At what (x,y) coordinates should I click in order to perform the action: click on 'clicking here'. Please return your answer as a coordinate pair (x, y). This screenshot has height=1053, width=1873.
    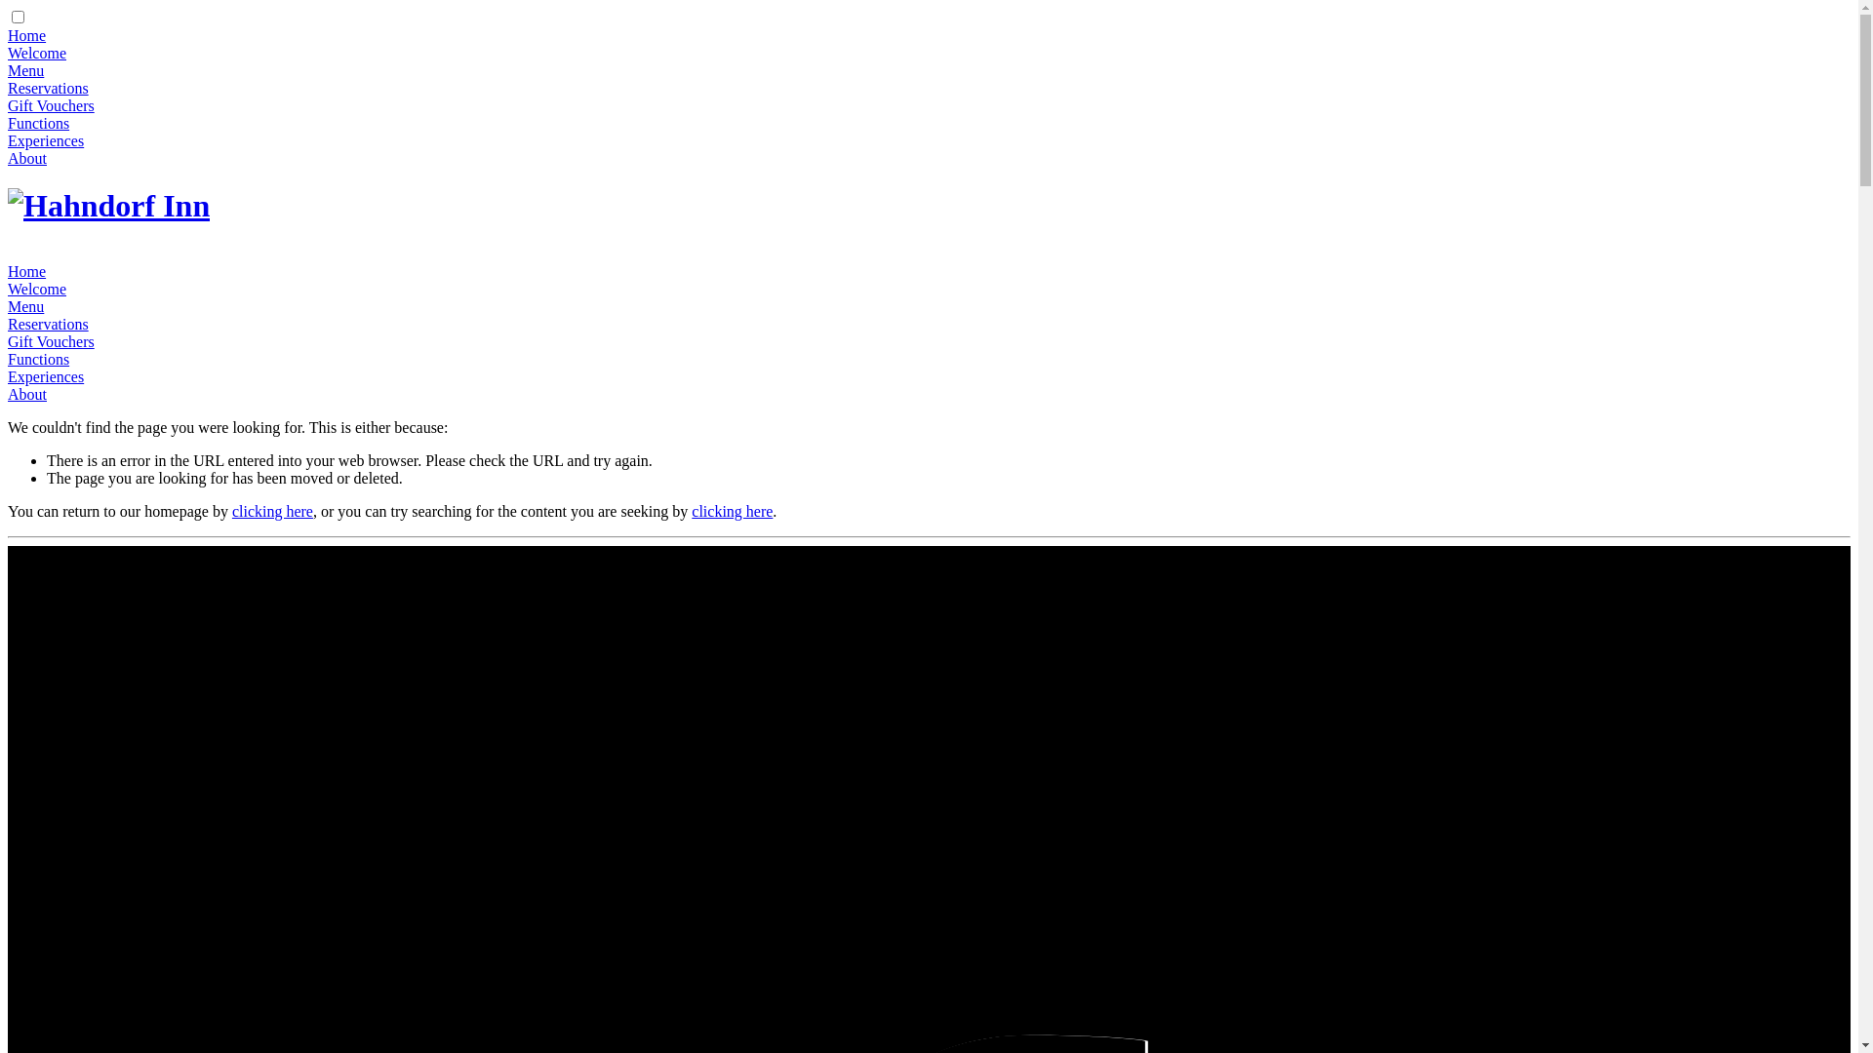
    Looking at the image, I should click on (692, 510).